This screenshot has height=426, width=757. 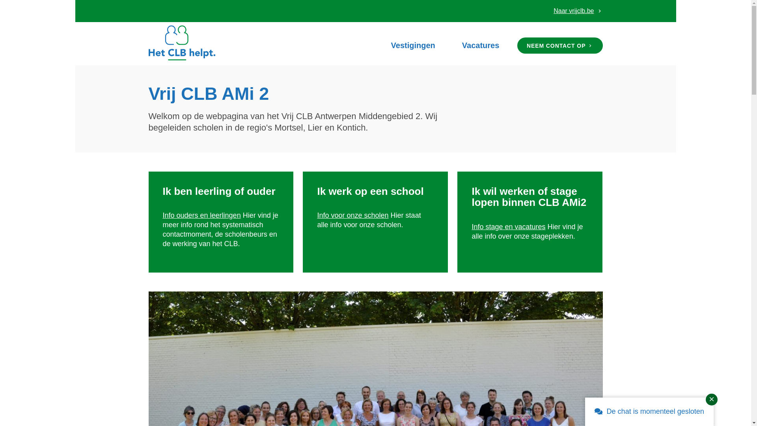 What do you see at coordinates (162, 215) in the screenshot?
I see `'Info ouders en leerlingen'` at bounding box center [162, 215].